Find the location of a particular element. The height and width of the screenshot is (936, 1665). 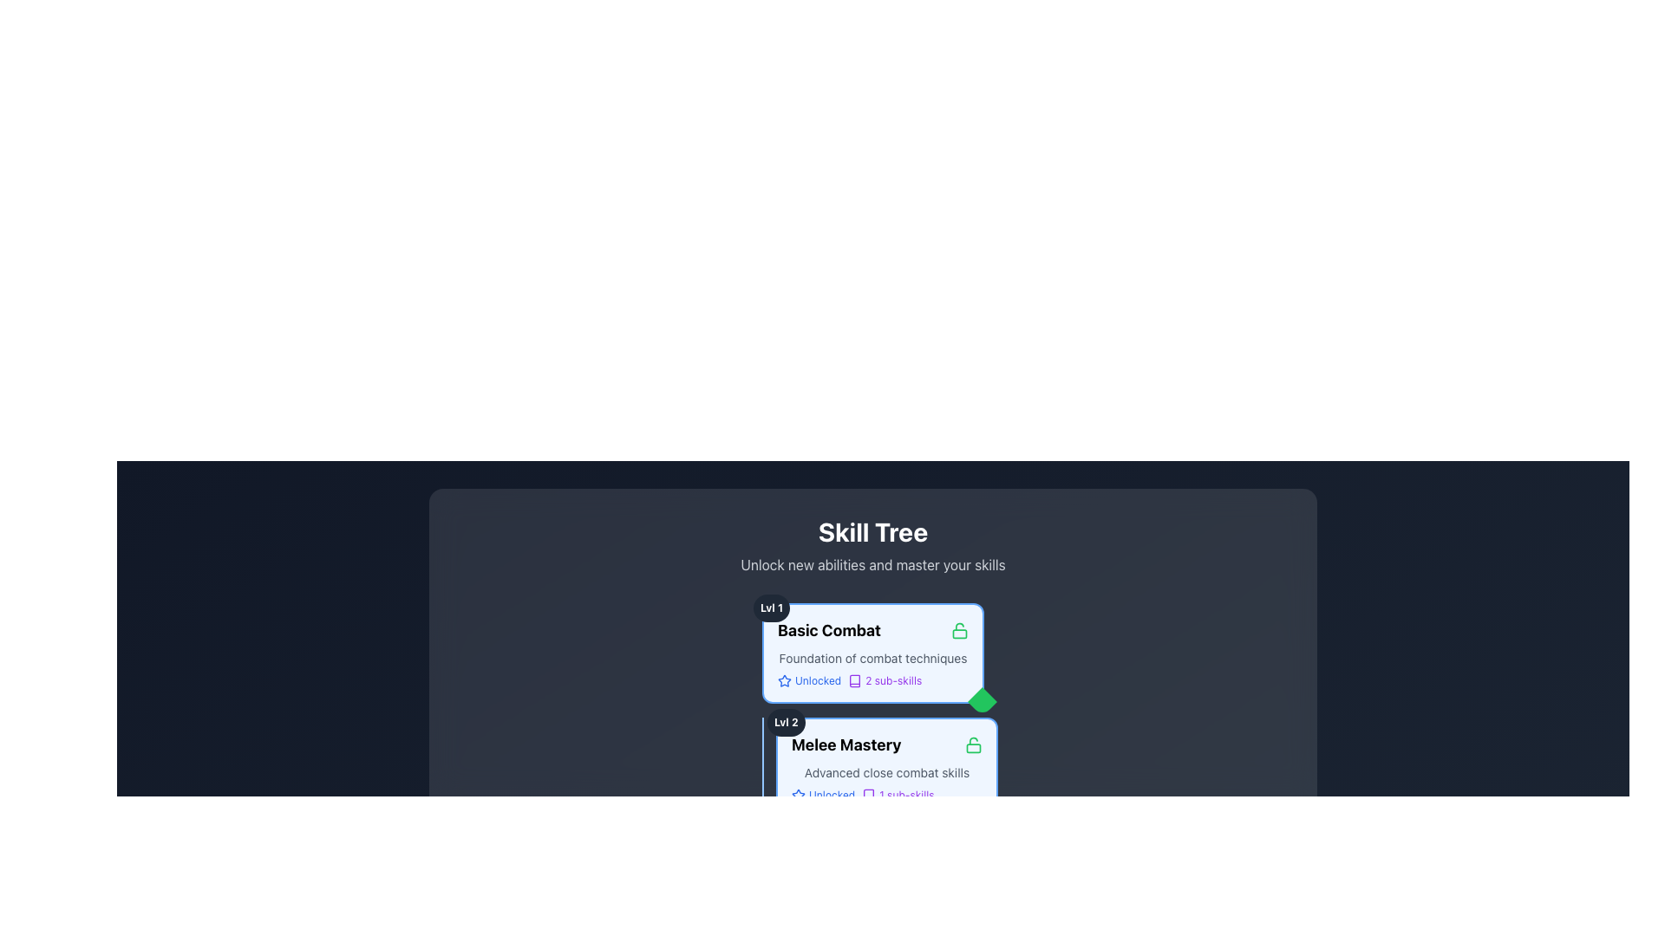

informational label with icons and text indicating the status of the 'Basic Combat' skill, located below 'Foundation of combat techniques' in the skill tree interface is located at coordinates (873, 680).